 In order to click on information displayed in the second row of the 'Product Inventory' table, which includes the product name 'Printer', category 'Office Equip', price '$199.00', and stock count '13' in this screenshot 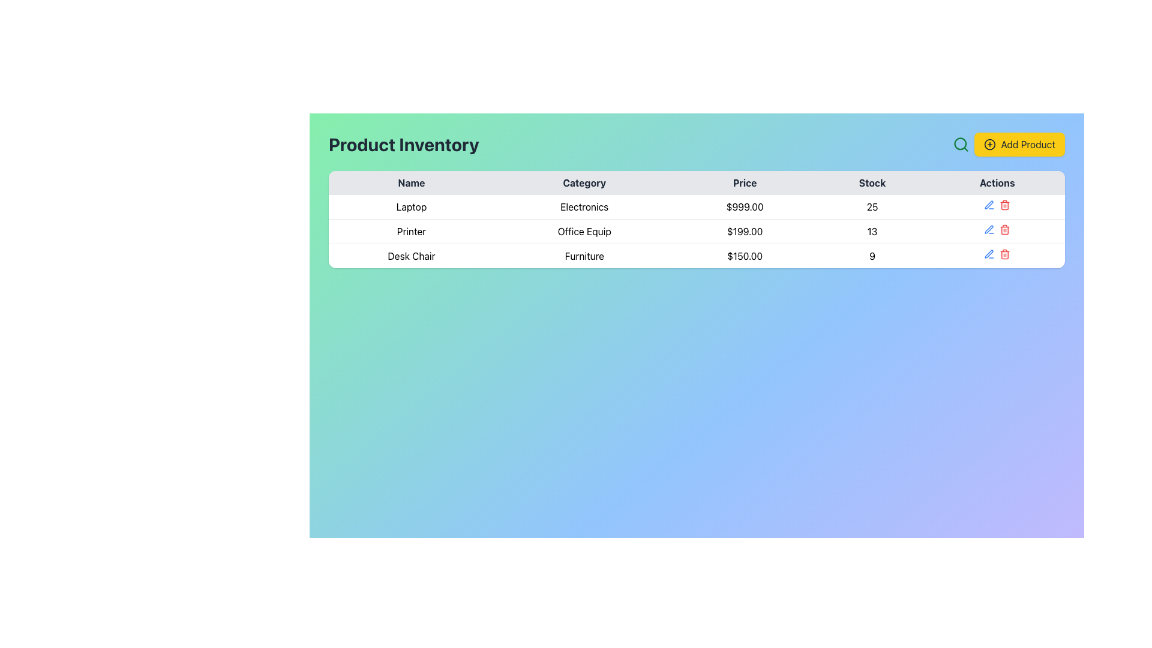, I will do `click(697, 231)`.